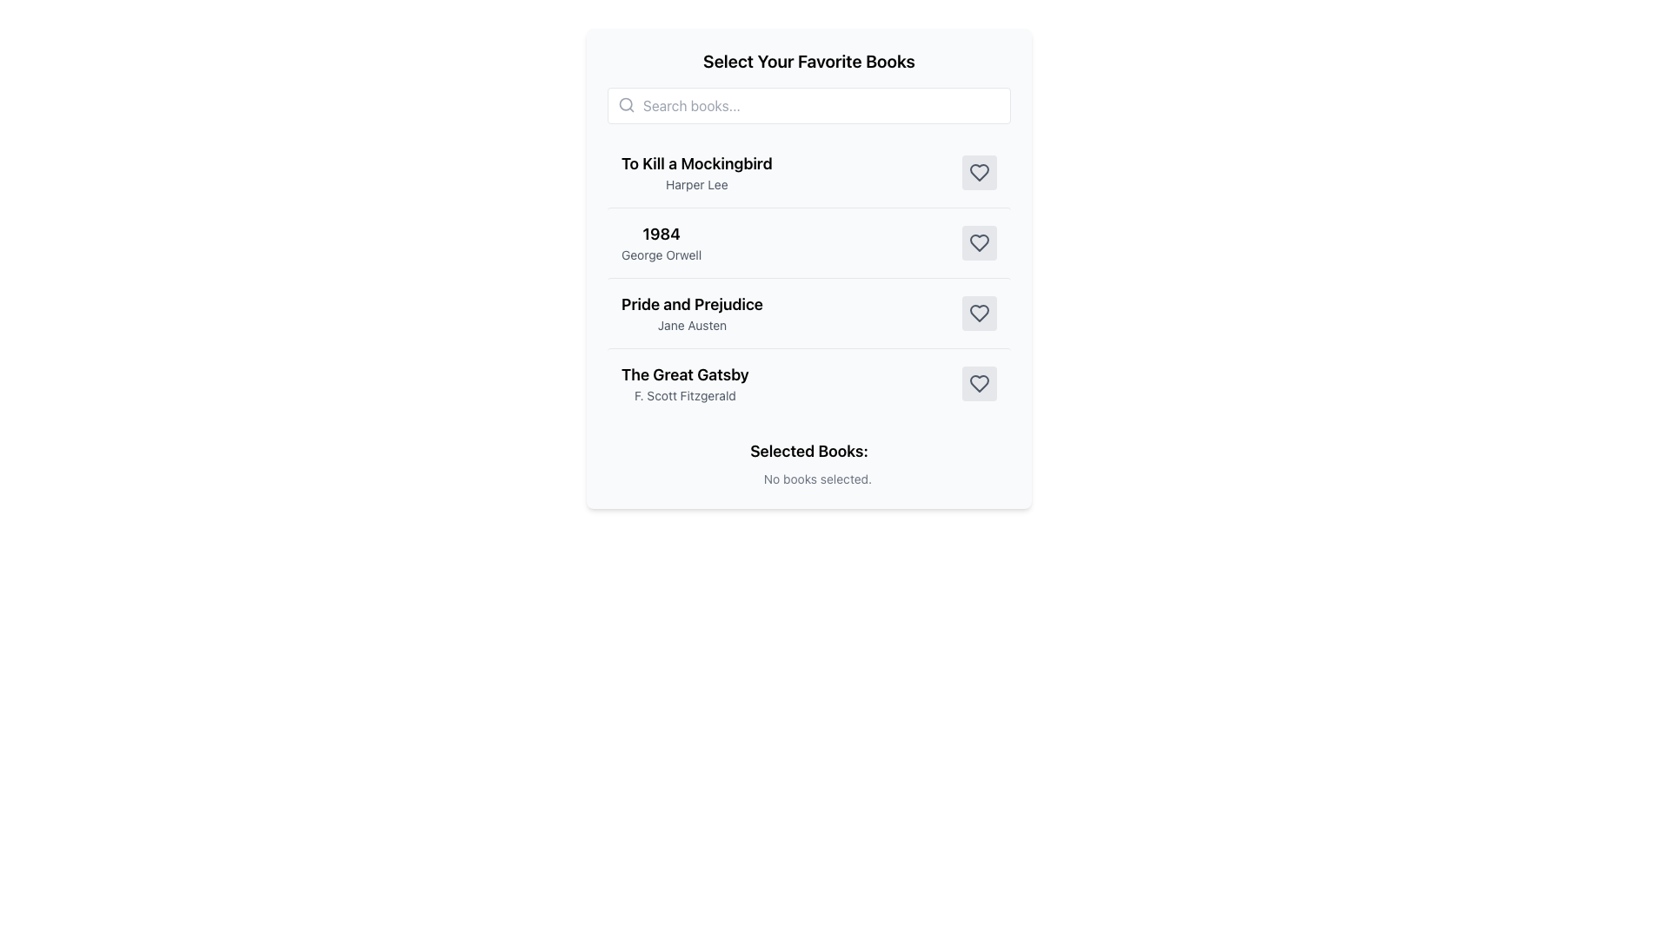 This screenshot has height=938, width=1669. I want to click on the selection icon button located at the right side of the row containing 'The Great Gatsby' and 'F. Scott Fitzgerald', so click(980, 383).